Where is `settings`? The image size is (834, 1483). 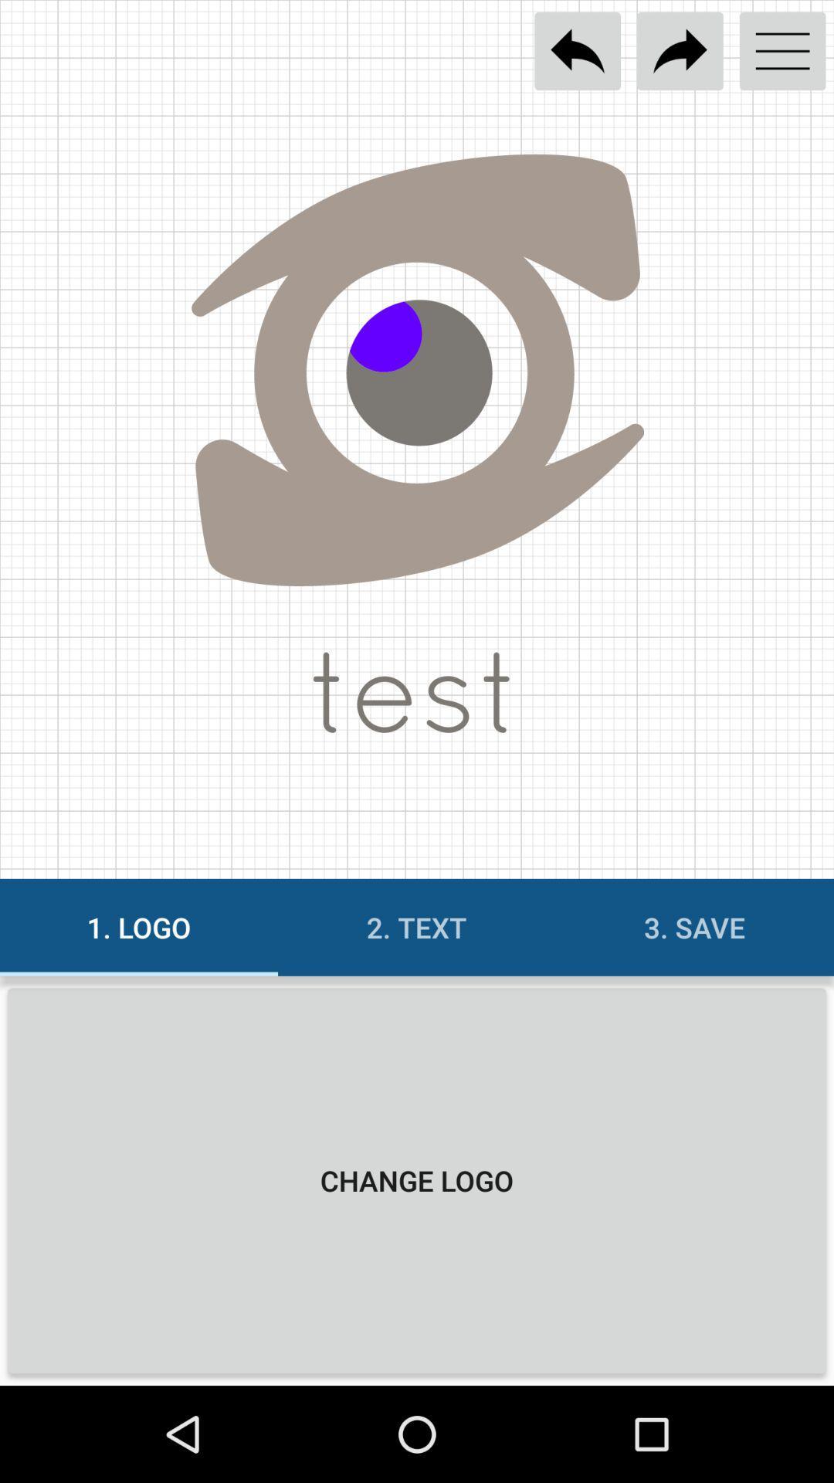
settings is located at coordinates (782, 51).